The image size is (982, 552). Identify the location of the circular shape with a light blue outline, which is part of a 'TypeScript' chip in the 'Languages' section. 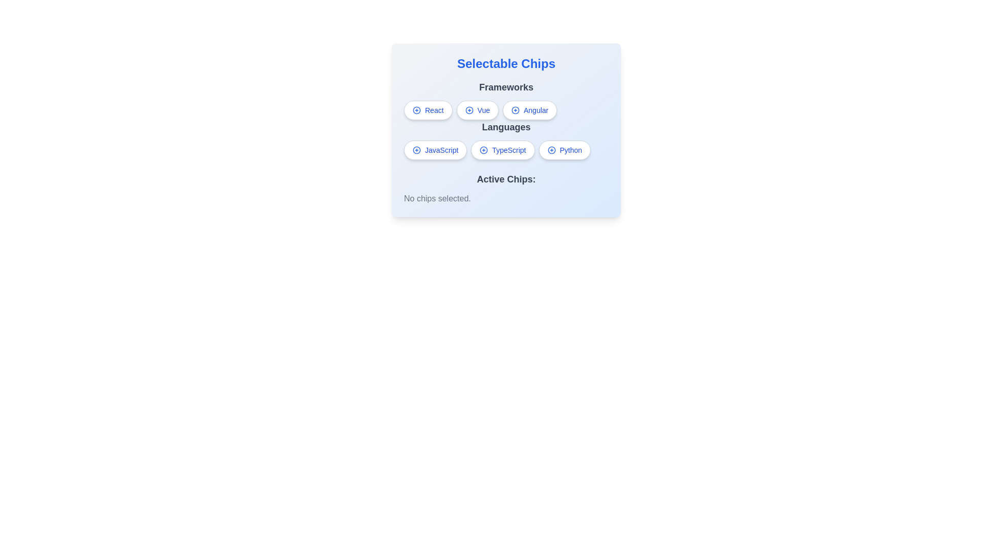
(483, 150).